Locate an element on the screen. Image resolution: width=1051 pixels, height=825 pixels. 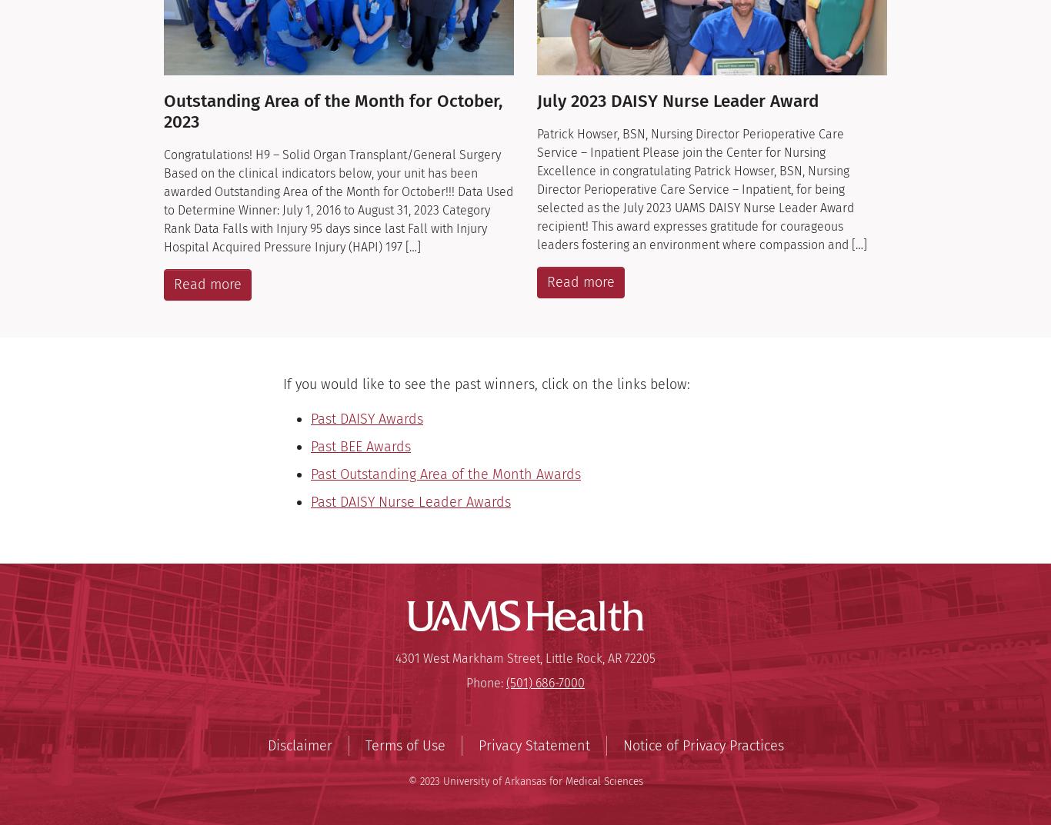
'Patrick Howser, BSN, Nursing Director Perioperative Care Service – Inpatient Please join the Center for Nursing Excellence in congratulating Patrick Howser, BSN, Nursing Director Perioperative Care Service – Inpatient, for being selected as the July 2023 UAMS DAISY Nurse Leader Award recipient! This award expresses gratitude for courageous leaders fostering an environment where compassion and […]' is located at coordinates (702, 188).